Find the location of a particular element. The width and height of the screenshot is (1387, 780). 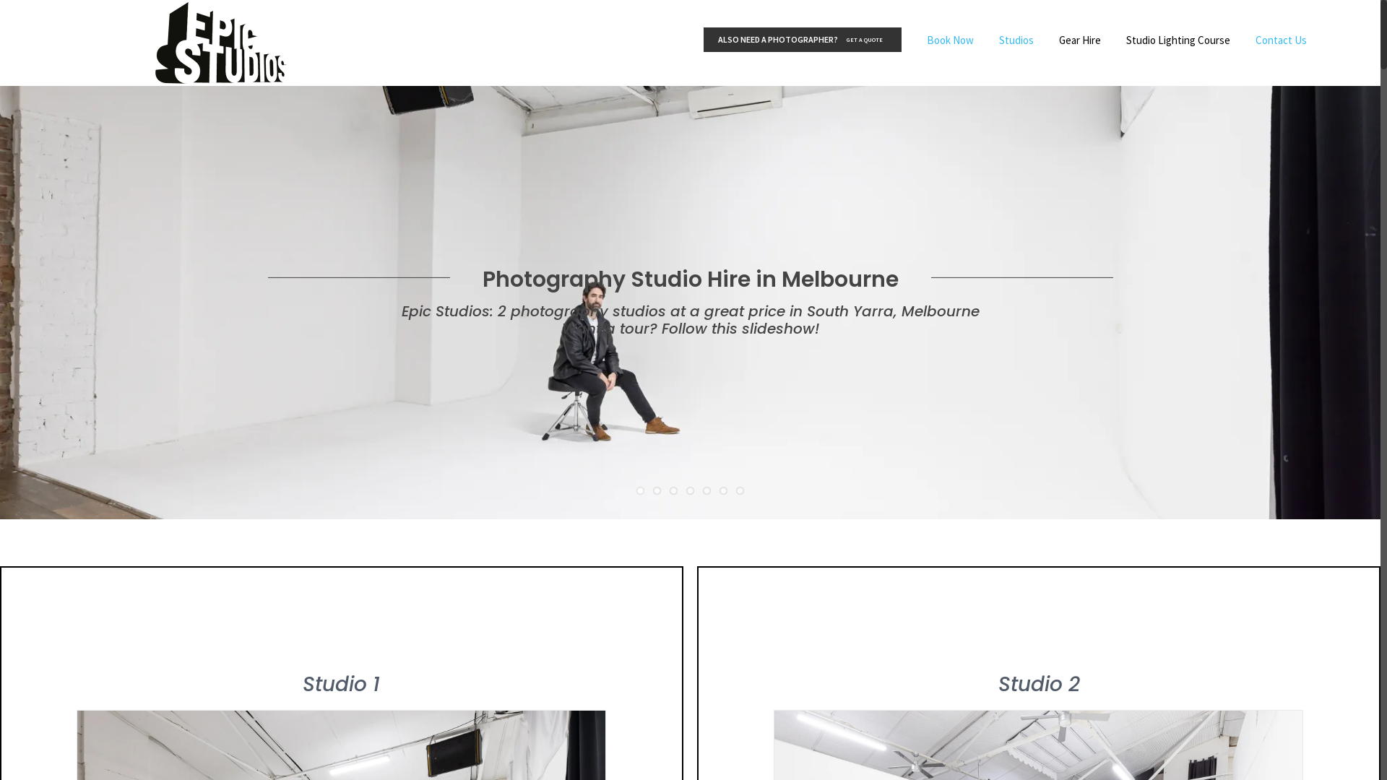

'5' is located at coordinates (703, 490).